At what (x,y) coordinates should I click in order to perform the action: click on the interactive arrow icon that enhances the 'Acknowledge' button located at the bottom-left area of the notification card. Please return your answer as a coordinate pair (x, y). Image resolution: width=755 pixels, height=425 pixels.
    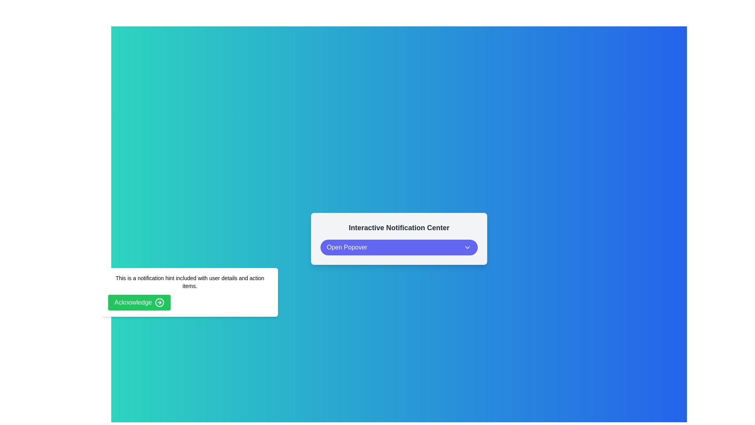
    Looking at the image, I should click on (159, 302).